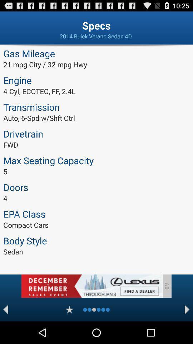 The image size is (193, 344). I want to click on backspace option, so click(5, 309).